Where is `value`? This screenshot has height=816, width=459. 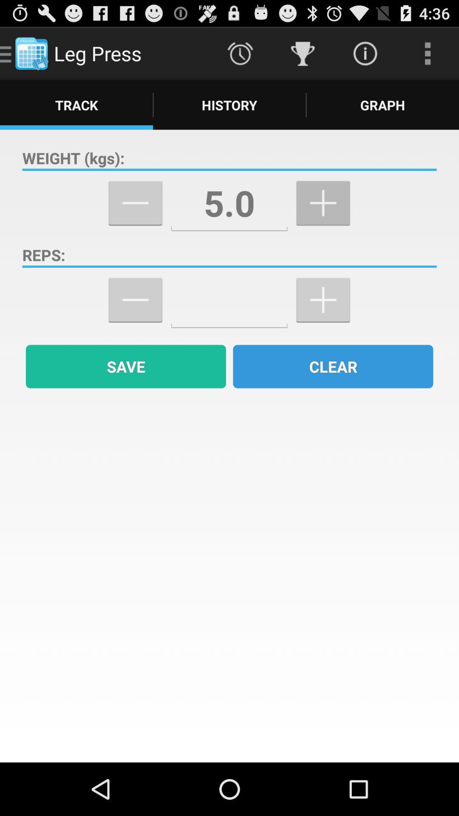 value is located at coordinates (229, 300).